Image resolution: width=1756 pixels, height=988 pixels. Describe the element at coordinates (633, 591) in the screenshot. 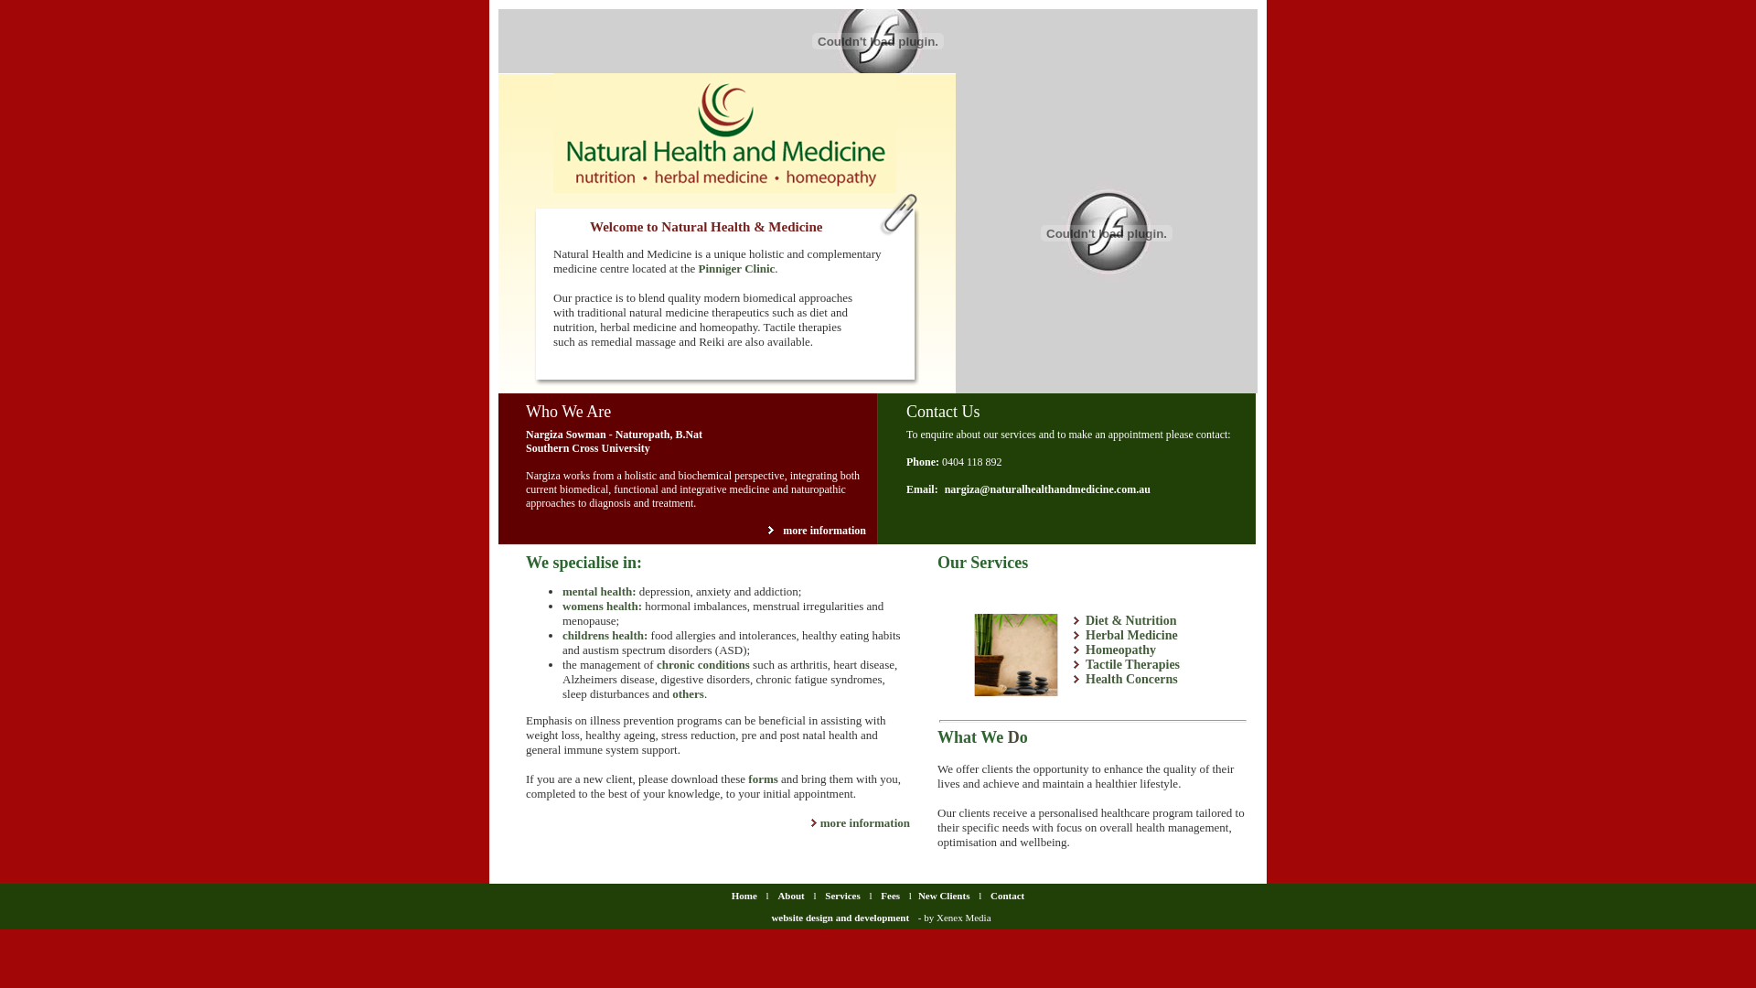

I see `':'` at that location.